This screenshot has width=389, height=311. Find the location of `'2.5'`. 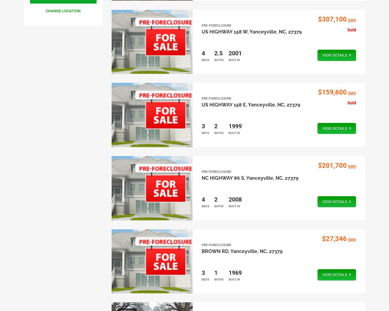

'2.5' is located at coordinates (218, 53).